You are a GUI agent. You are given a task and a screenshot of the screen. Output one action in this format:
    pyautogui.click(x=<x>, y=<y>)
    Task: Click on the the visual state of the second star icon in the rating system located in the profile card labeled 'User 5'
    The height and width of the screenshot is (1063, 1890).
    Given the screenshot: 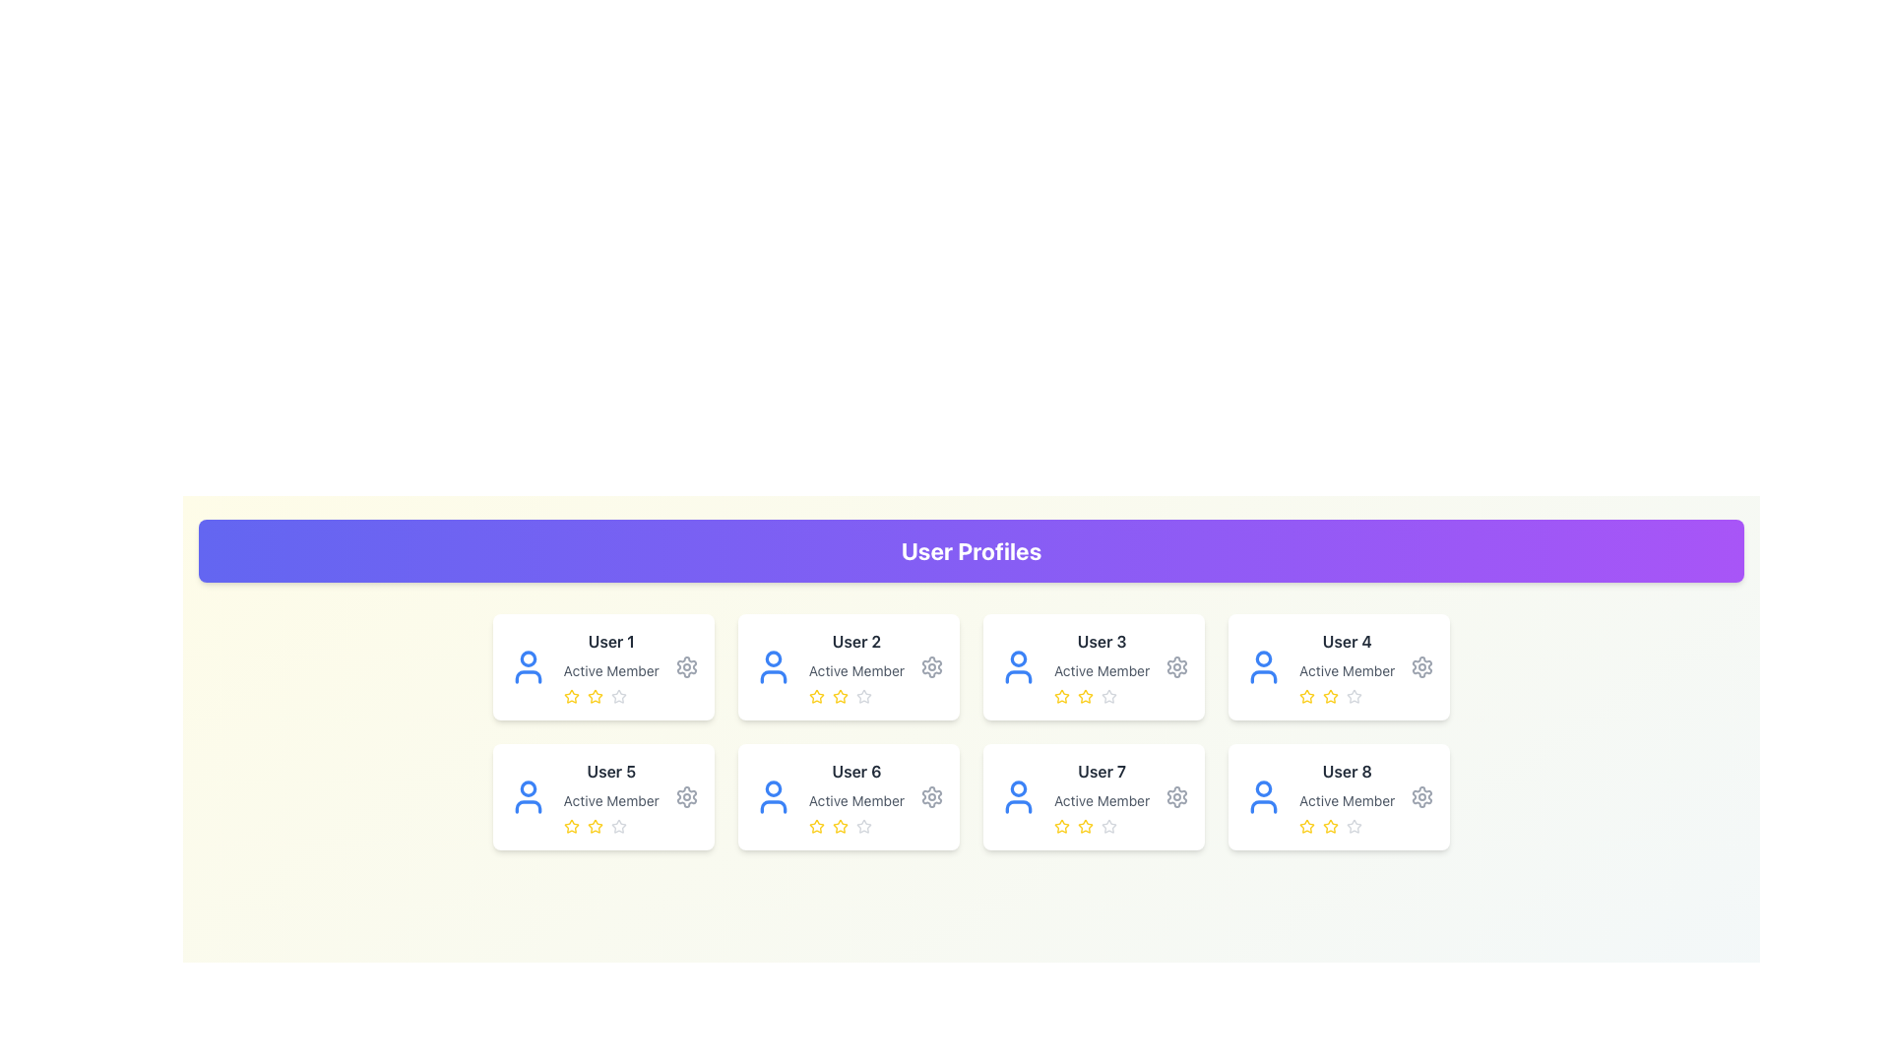 What is the action you would take?
    pyautogui.click(x=594, y=826)
    